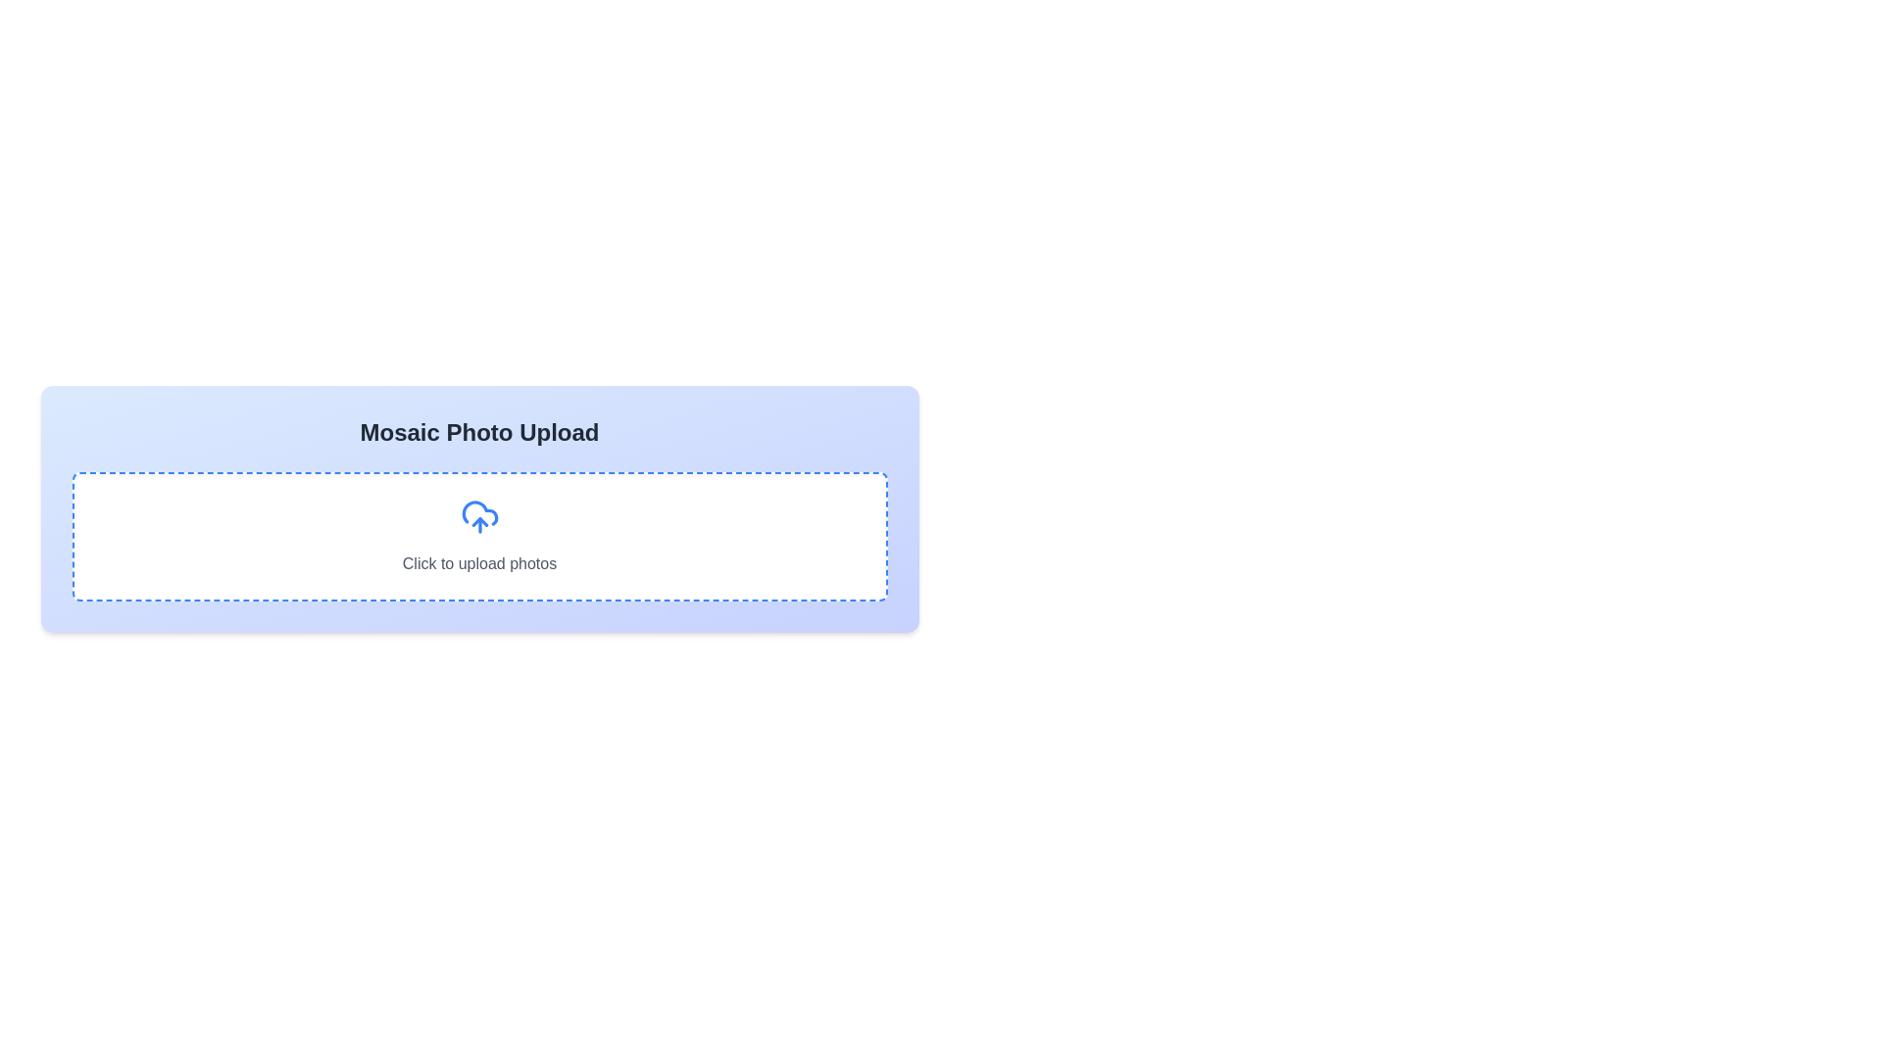 Image resolution: width=1882 pixels, height=1058 pixels. What do you see at coordinates (479, 512) in the screenshot?
I see `the cloud outline element of the cloud-with-arrow icon, which is styled with blue coloring and is the first curve forming the cloud's outline within the upload area` at bounding box center [479, 512].